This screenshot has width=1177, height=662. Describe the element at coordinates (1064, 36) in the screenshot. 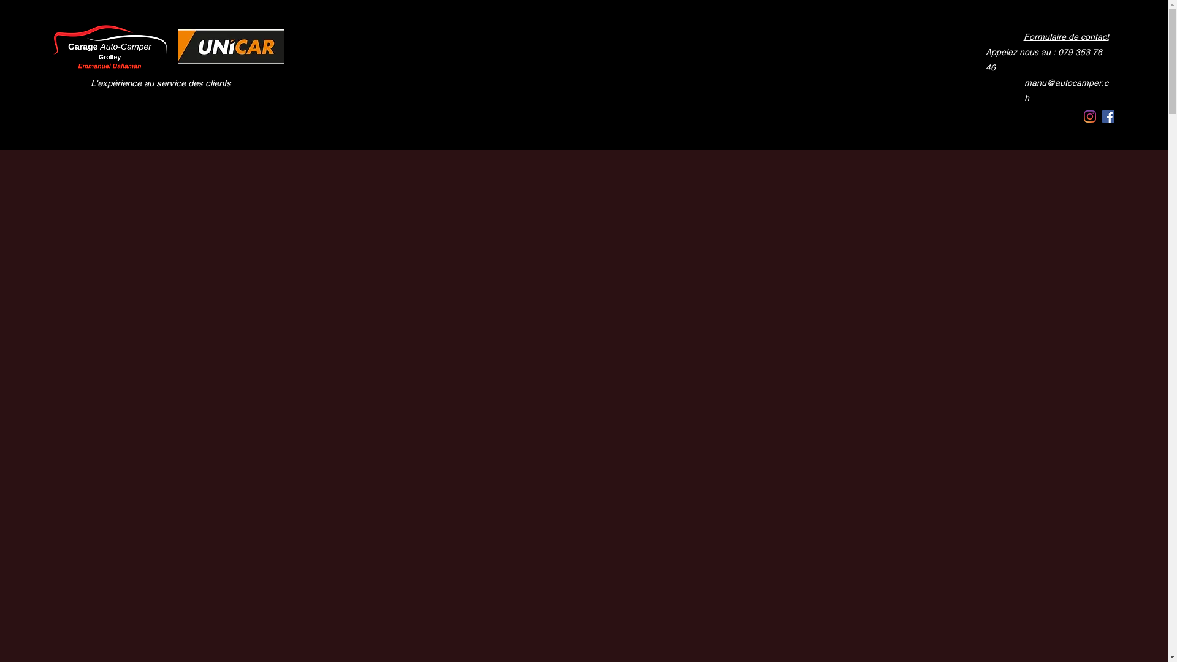

I see `'Formulaire de contact'` at that location.